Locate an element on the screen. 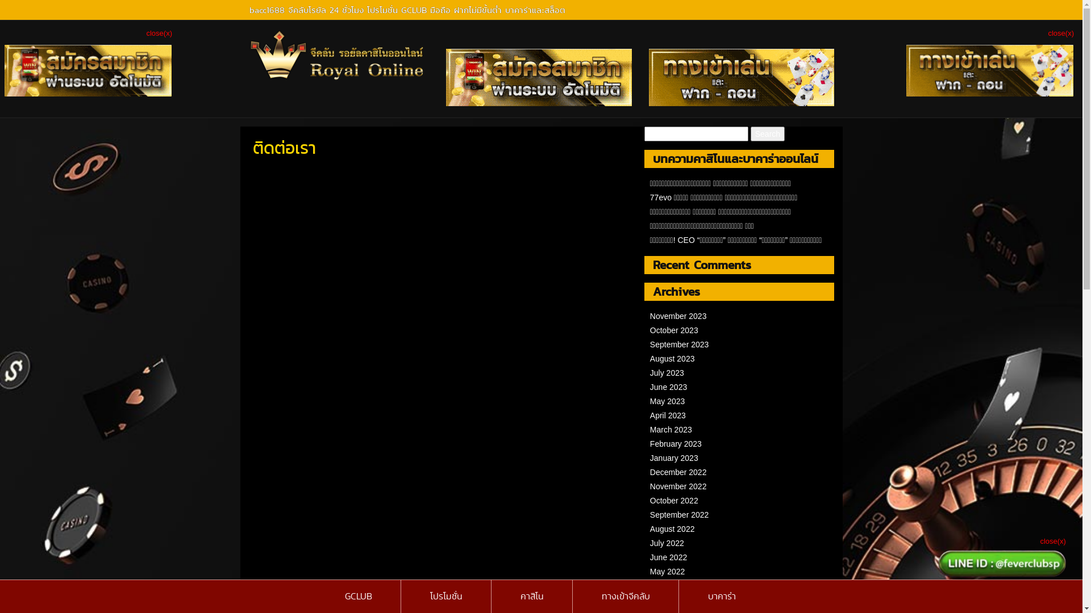  'Search' is located at coordinates (750, 133).